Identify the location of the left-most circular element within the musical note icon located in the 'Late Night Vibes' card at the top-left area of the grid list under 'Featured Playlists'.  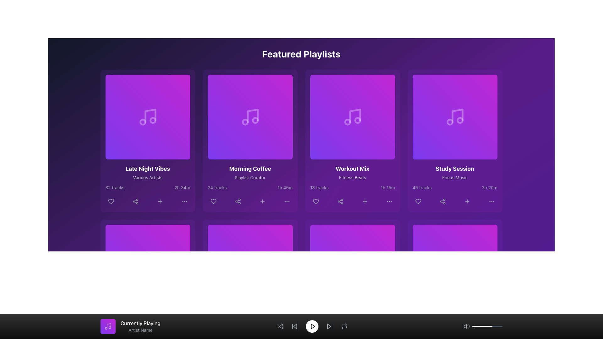
(142, 122).